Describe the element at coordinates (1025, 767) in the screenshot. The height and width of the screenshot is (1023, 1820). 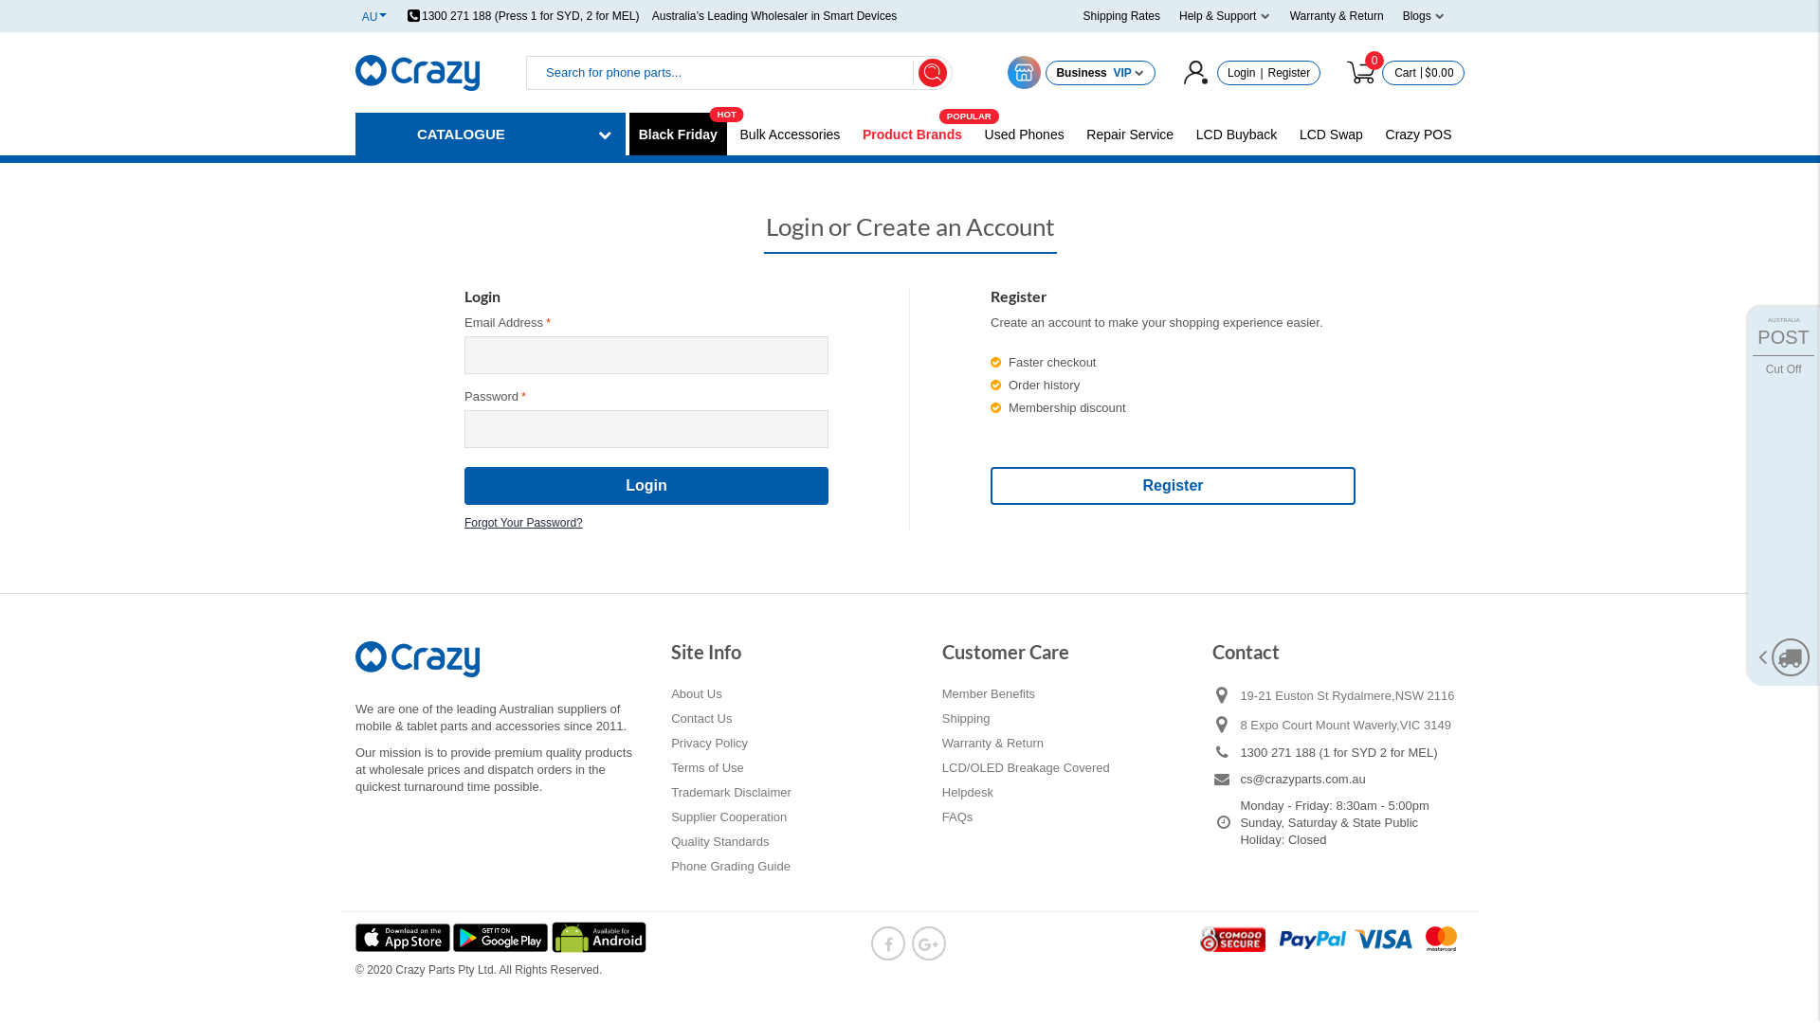
I see `'LCD/OLED Breakage Covered'` at that location.